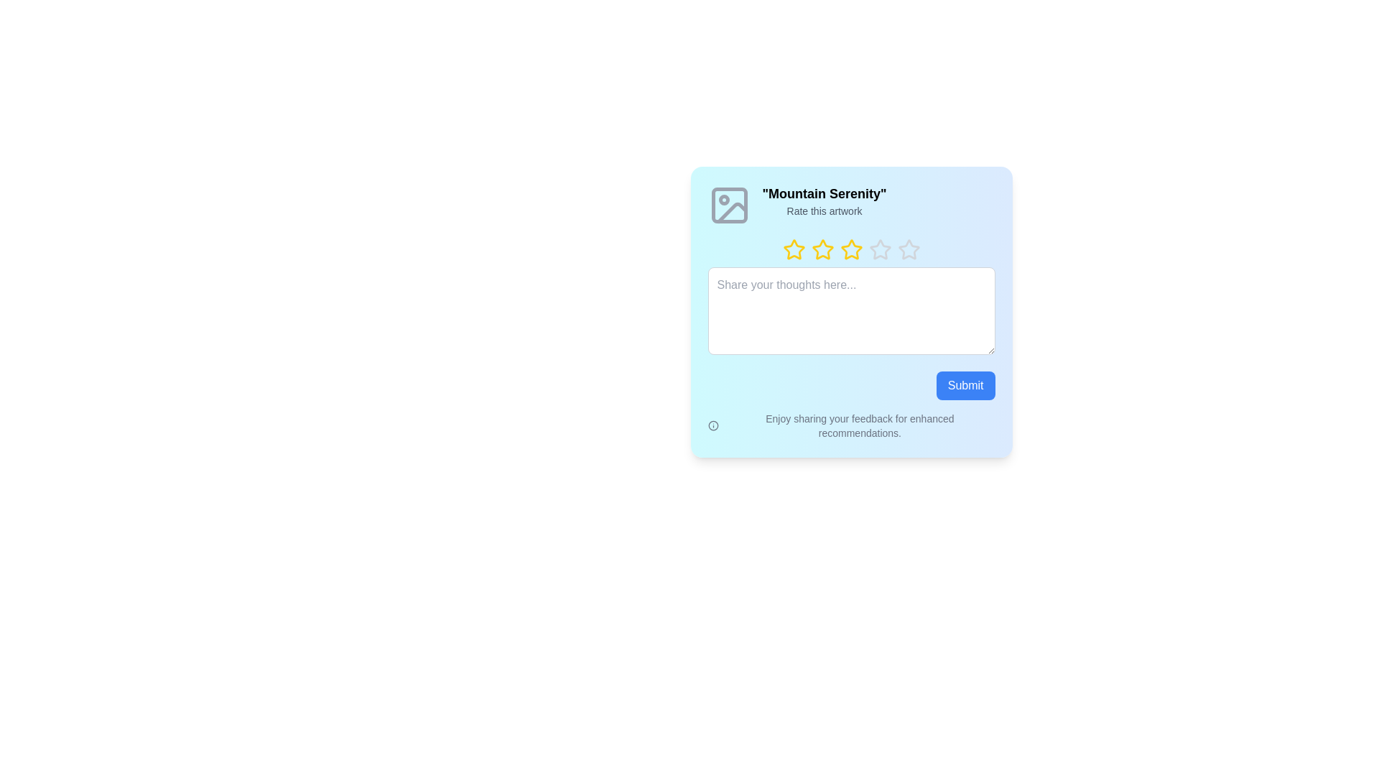  What do you see at coordinates (713, 425) in the screenshot?
I see `the informational icon to display additional details` at bounding box center [713, 425].